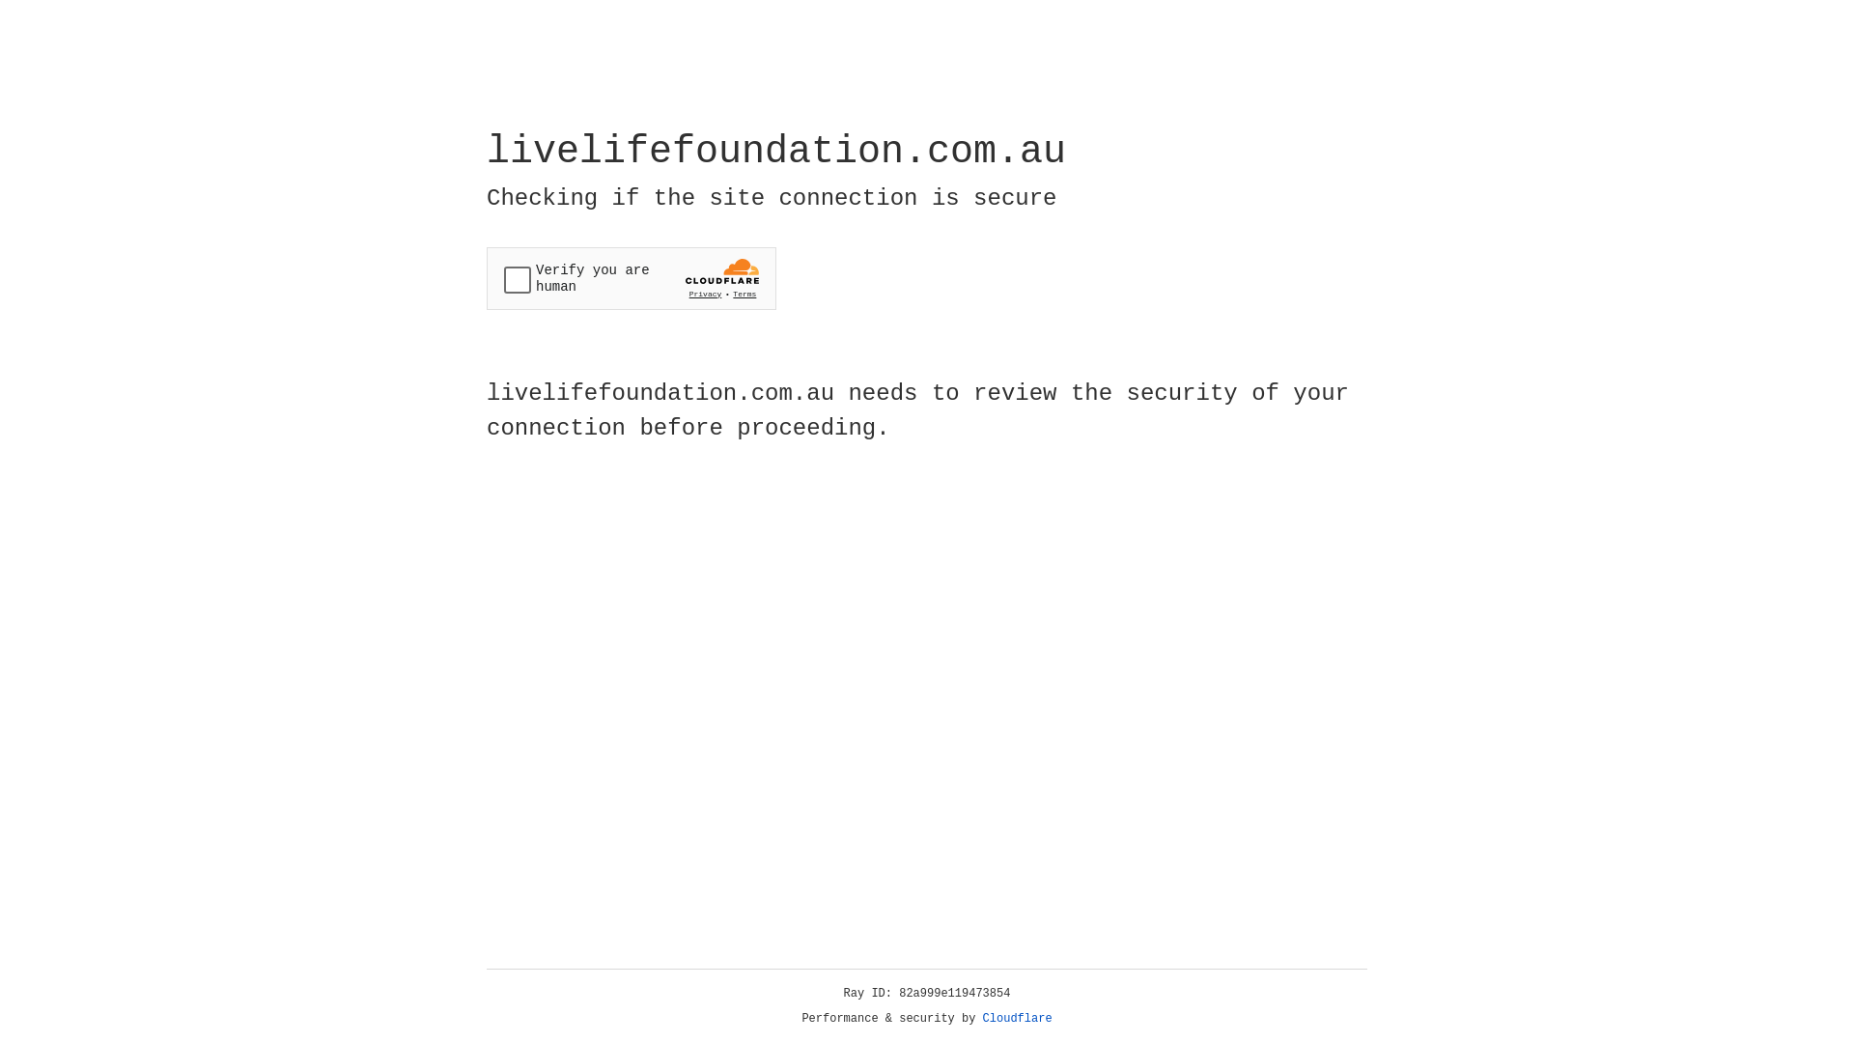  I want to click on 'Cloudflare', so click(982, 1018).